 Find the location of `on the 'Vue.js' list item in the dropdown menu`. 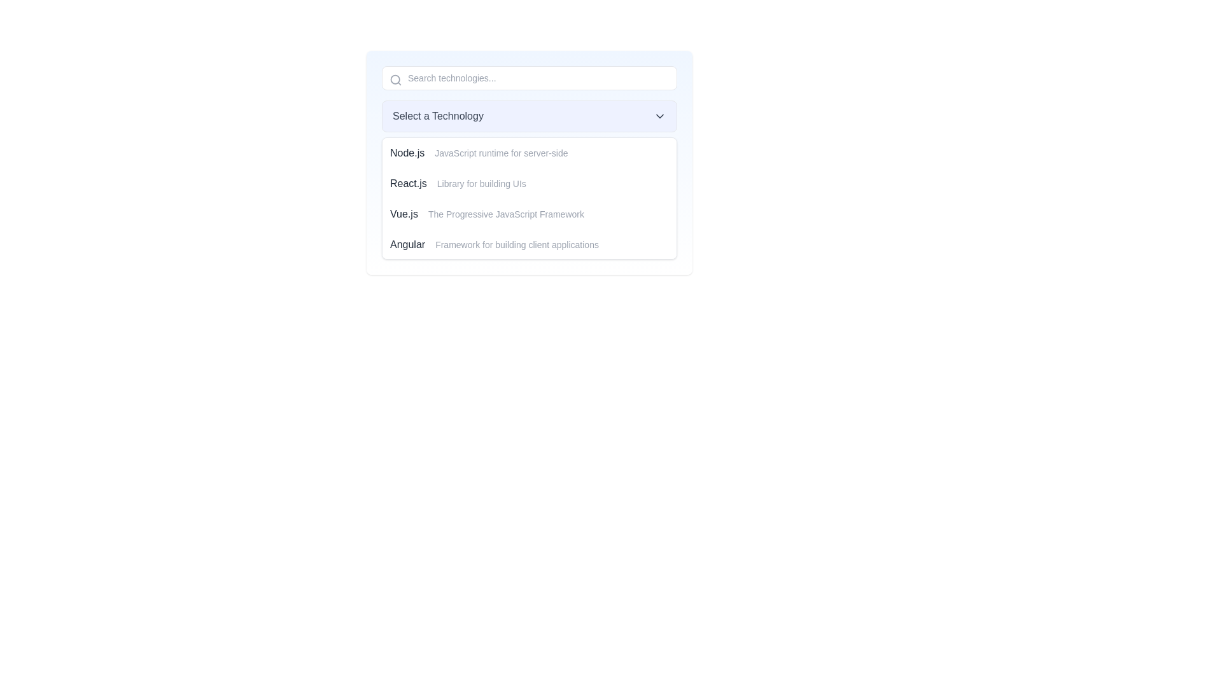

on the 'Vue.js' list item in the dropdown menu is located at coordinates (529, 213).